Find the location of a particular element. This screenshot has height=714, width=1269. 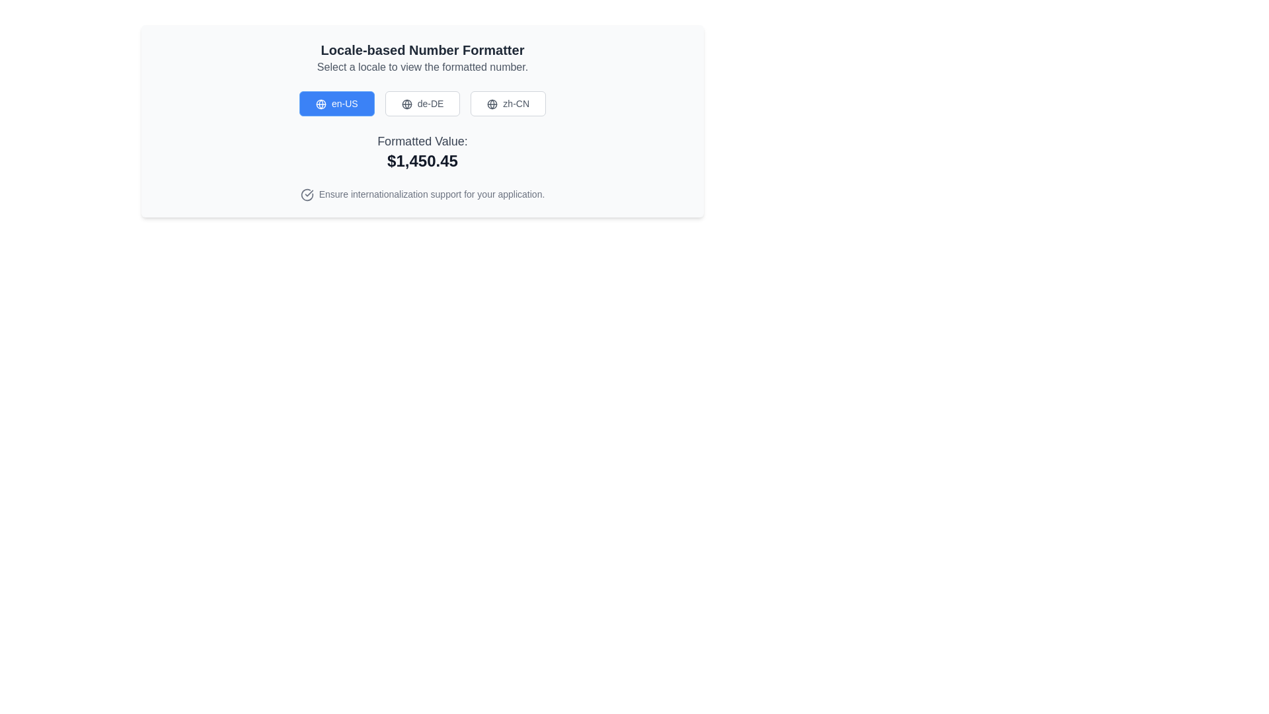

the decorative SVG circle representing the globe icon, which is not interactive but indicates locale selection functionality is located at coordinates (406, 104).